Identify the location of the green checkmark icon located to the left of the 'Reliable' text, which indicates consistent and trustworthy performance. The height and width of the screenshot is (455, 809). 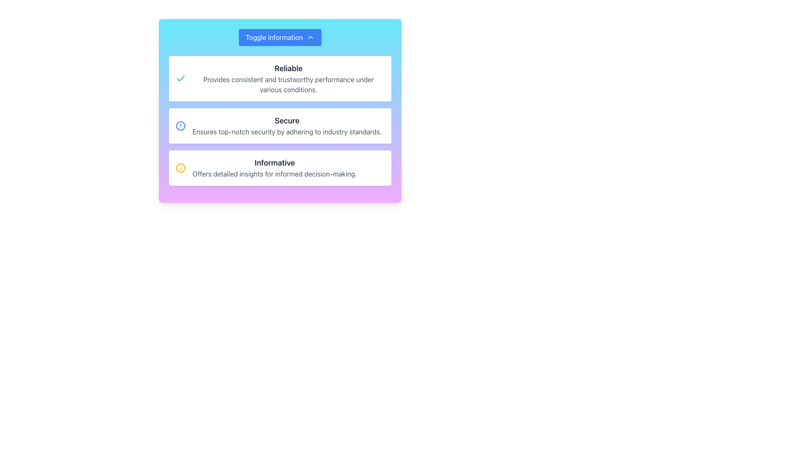
(180, 78).